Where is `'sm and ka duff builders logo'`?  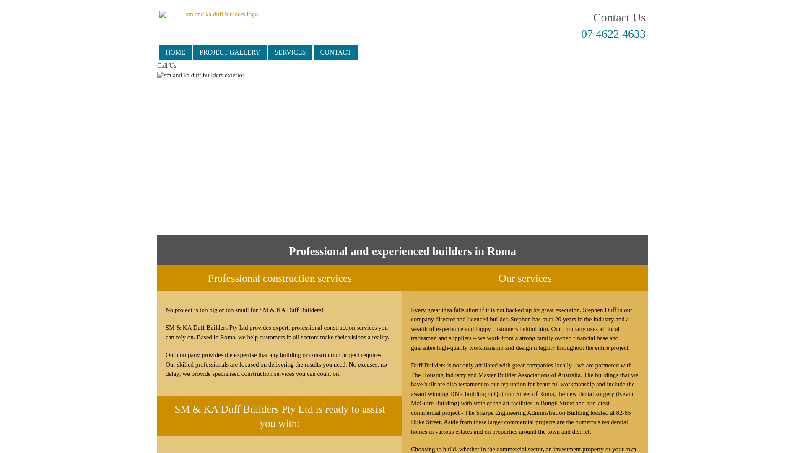
'sm and ka duff builders logo' is located at coordinates (218, 14).